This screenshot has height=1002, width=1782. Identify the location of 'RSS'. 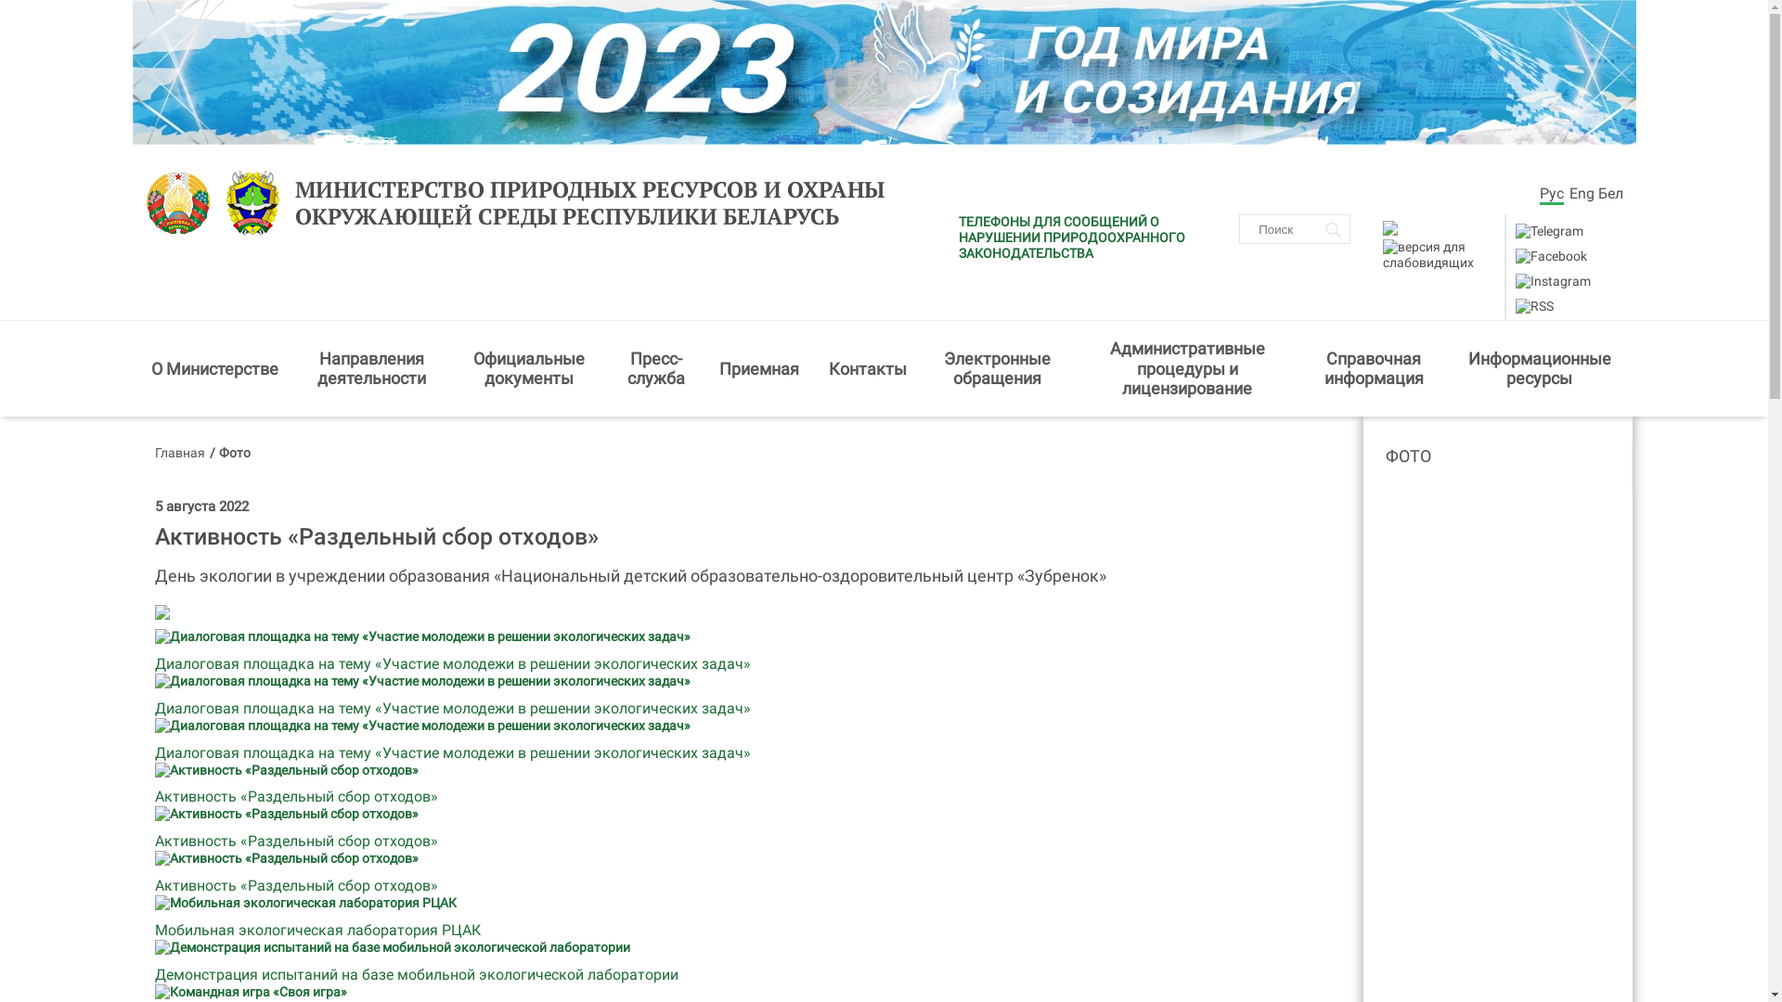
(1532, 305).